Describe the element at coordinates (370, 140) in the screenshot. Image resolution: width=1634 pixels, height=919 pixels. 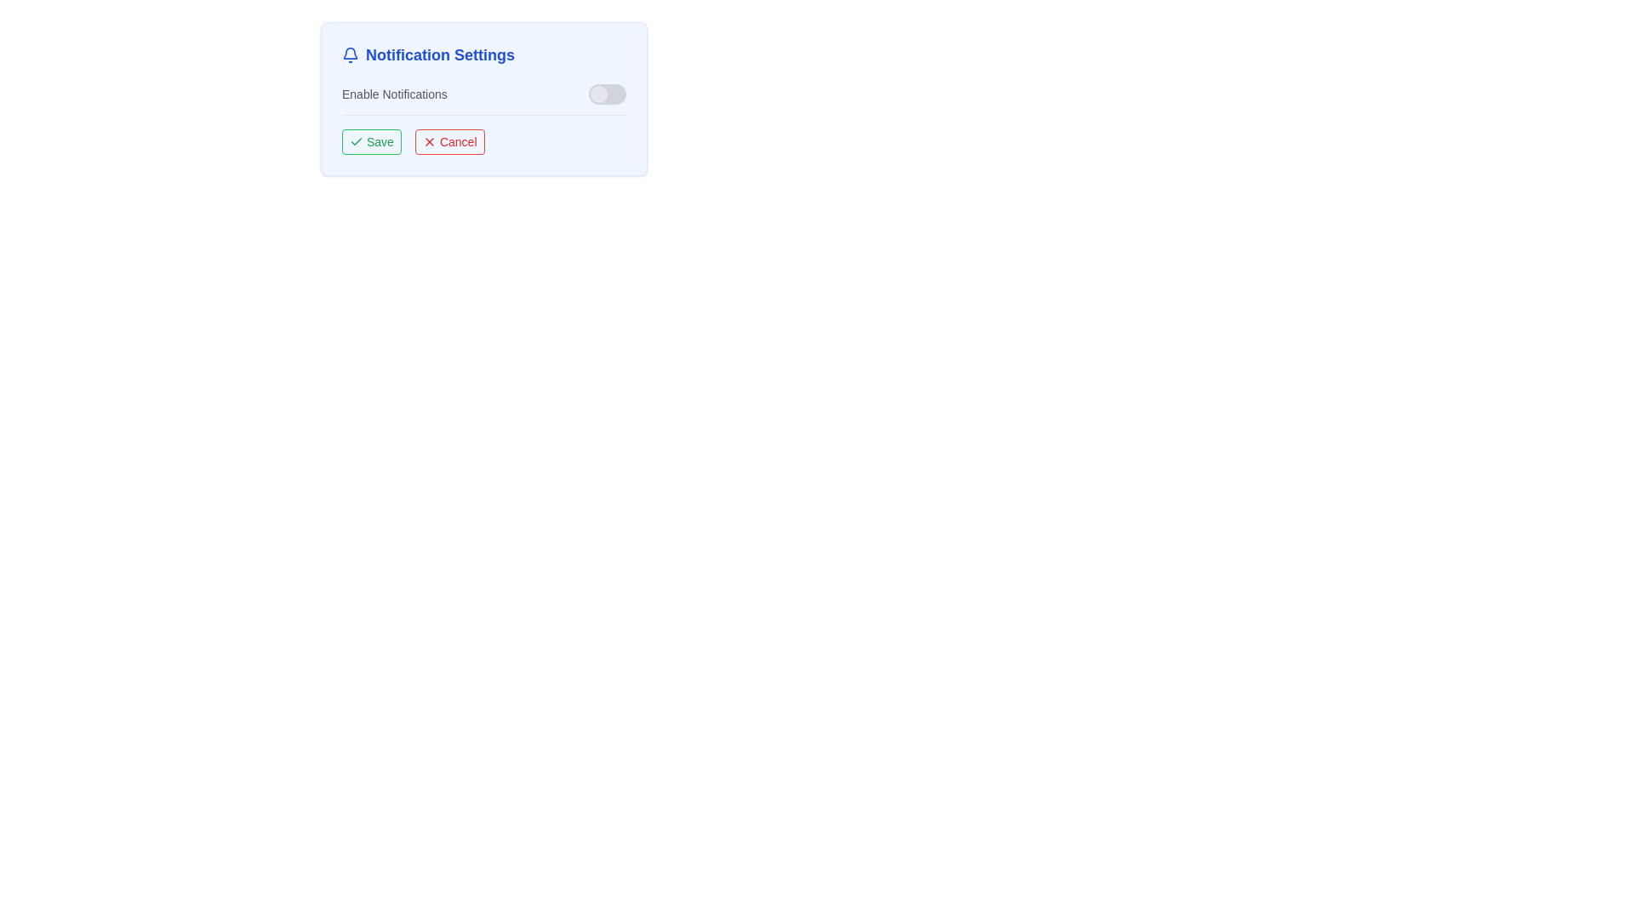
I see `the green 'Save' button with rounded corners that has a checkmark icon to its left` at that location.